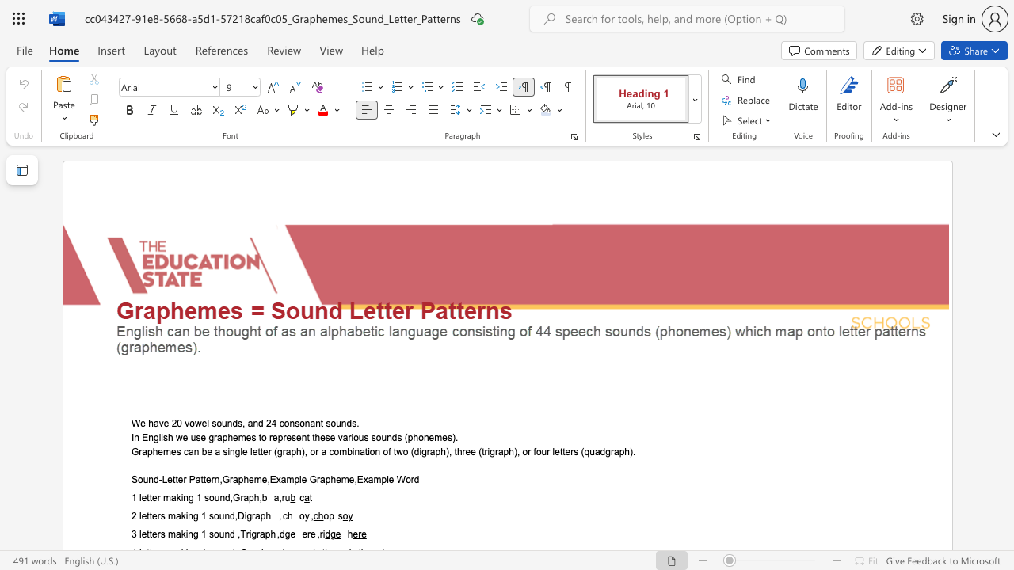 The width and height of the screenshot is (1014, 570). Describe the element at coordinates (197, 437) in the screenshot. I see `the 2th character "s" in the text` at that location.